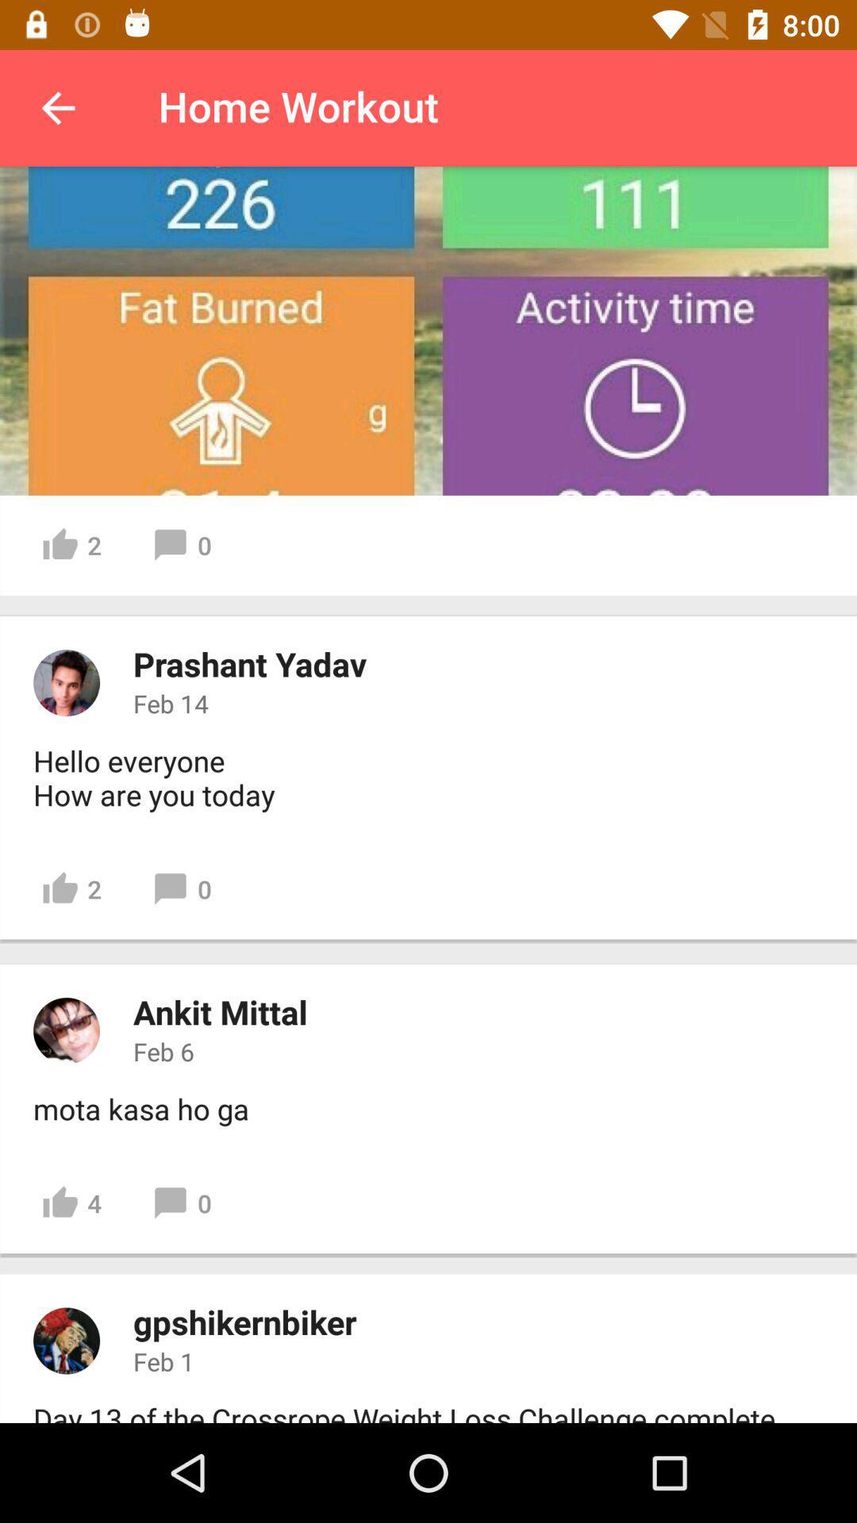  I want to click on time settings, so click(428, 330).